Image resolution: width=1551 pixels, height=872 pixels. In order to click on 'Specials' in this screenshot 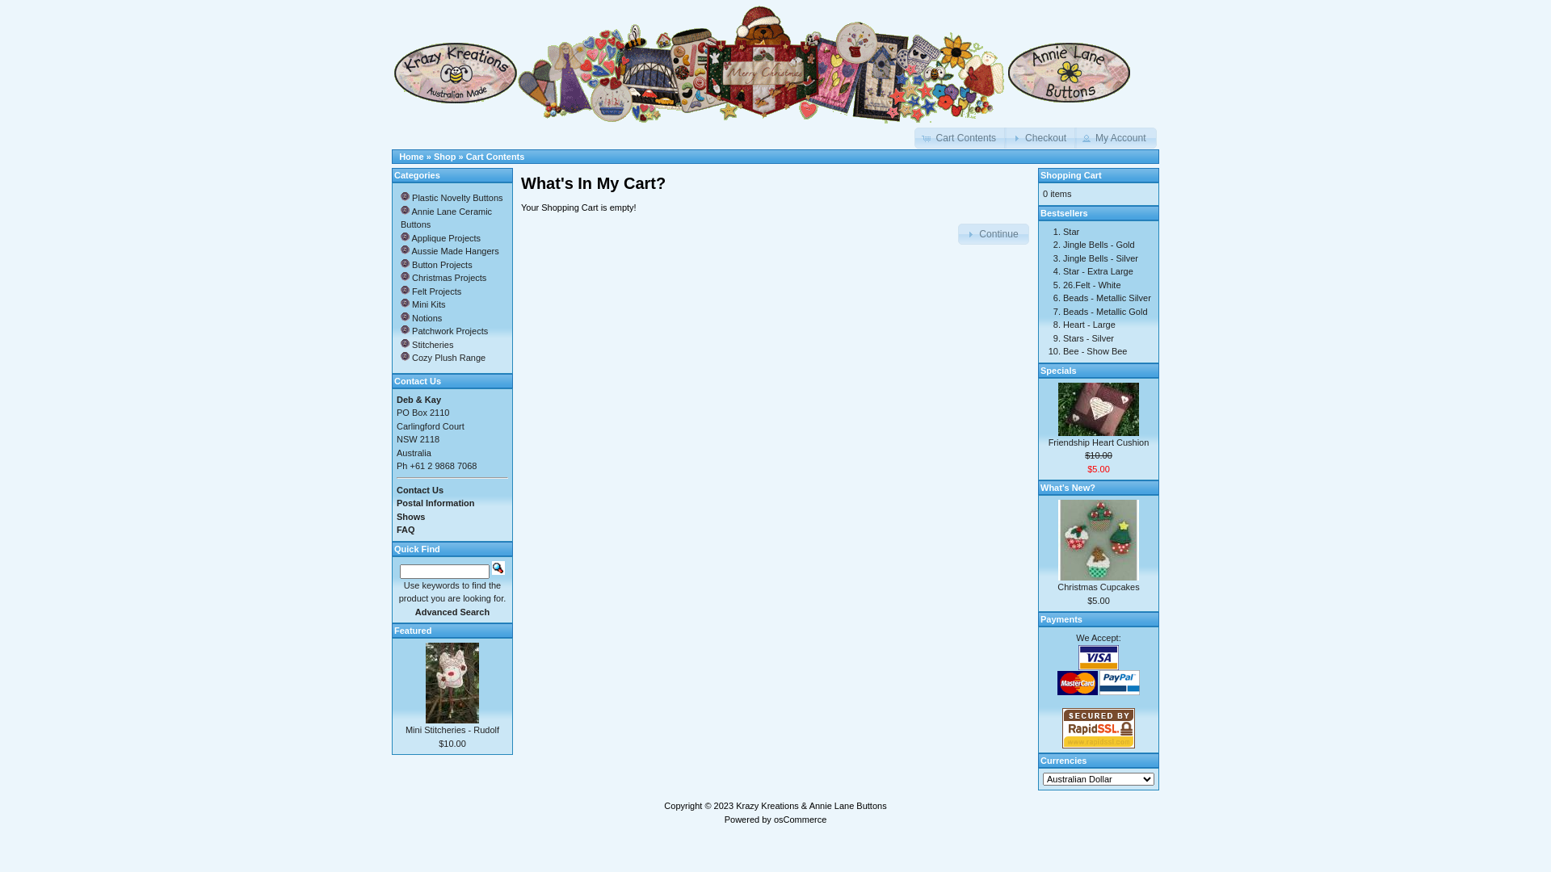, I will do `click(1040, 370)`.